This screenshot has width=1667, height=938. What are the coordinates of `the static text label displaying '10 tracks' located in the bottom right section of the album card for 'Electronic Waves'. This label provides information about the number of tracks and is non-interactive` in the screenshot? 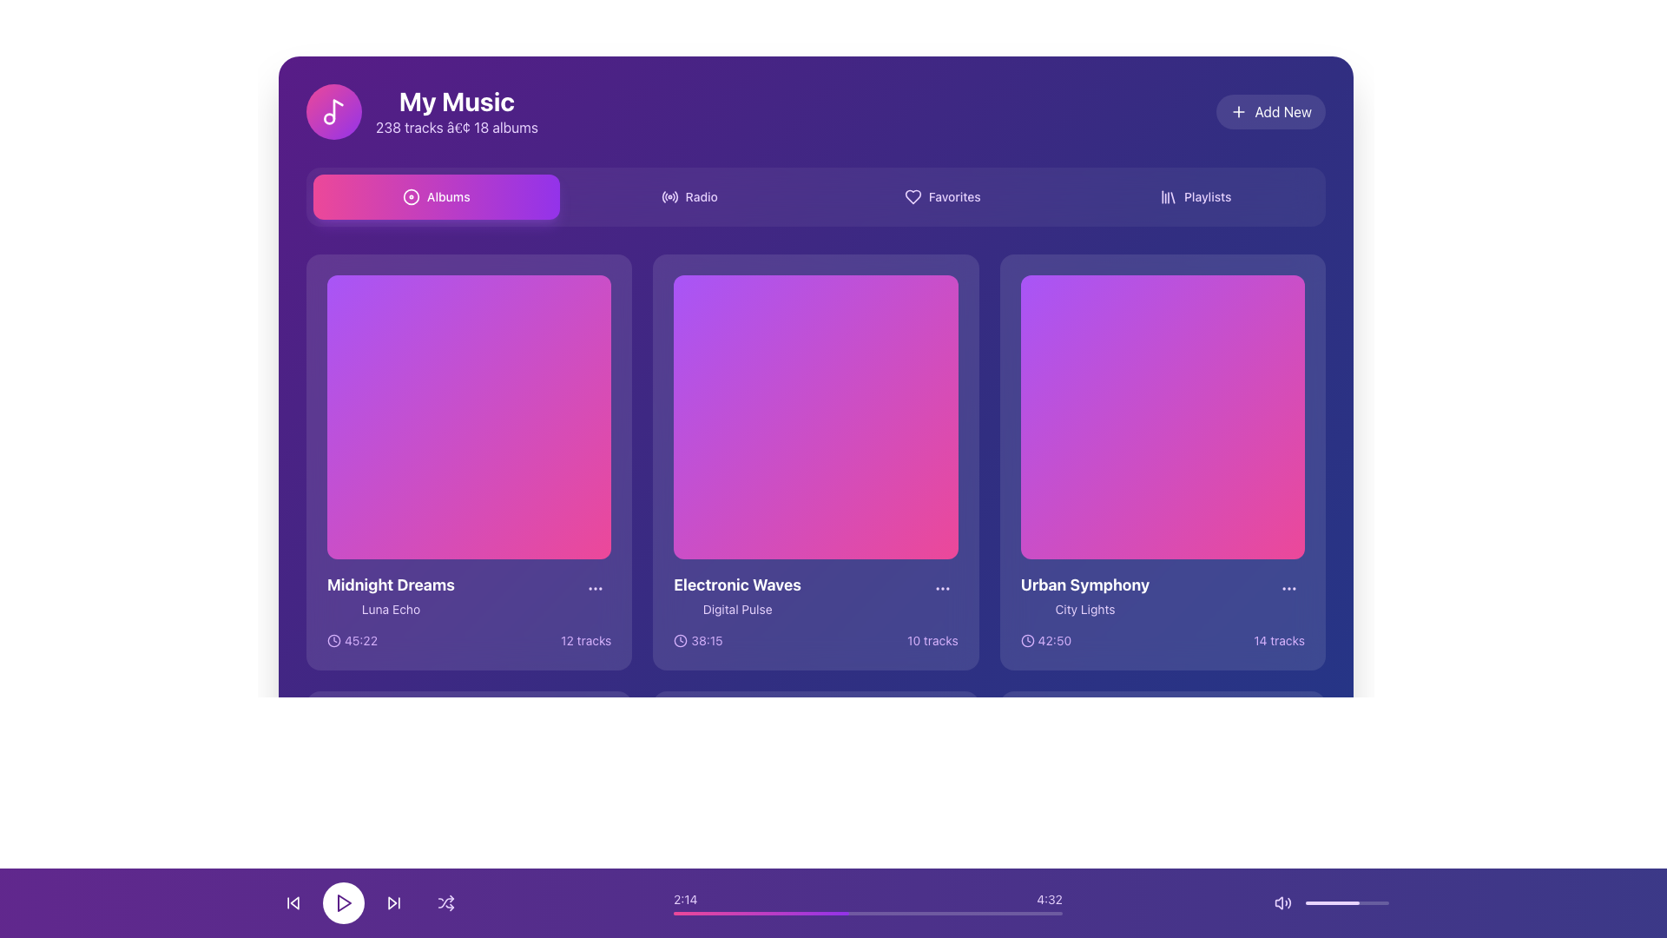 It's located at (932, 641).